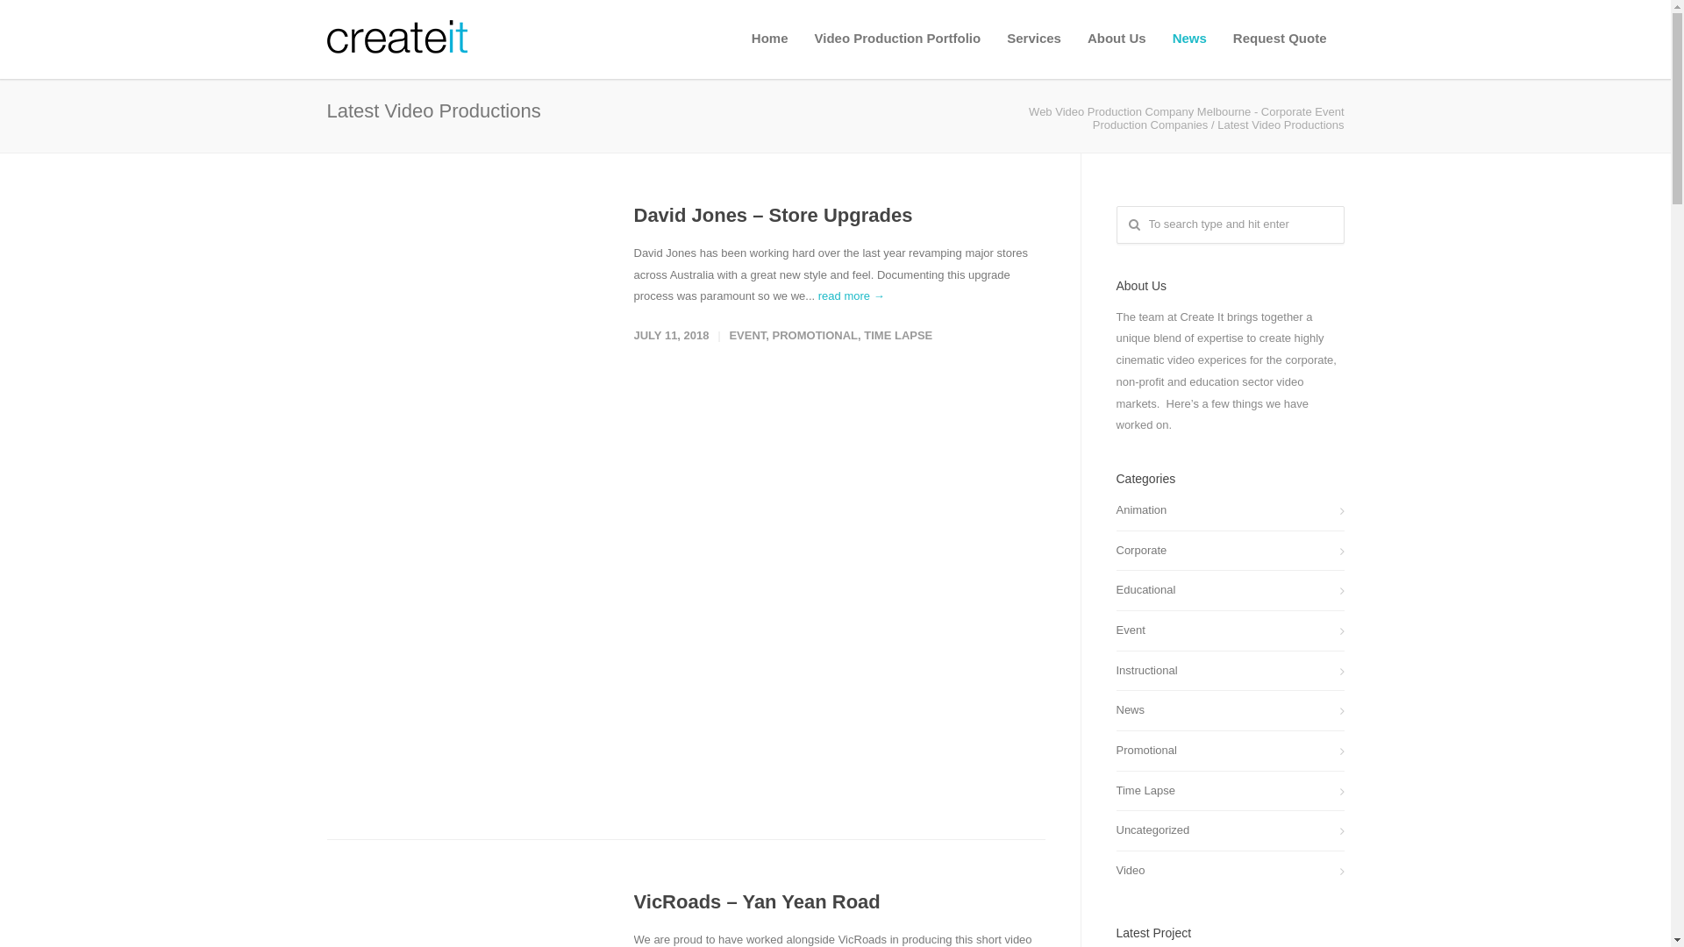  Describe the element at coordinates (896, 38) in the screenshot. I see `'Video Production Portfolio'` at that location.